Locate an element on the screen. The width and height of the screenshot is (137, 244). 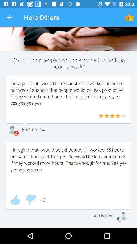
the app next to help others item is located at coordinates (9, 17).